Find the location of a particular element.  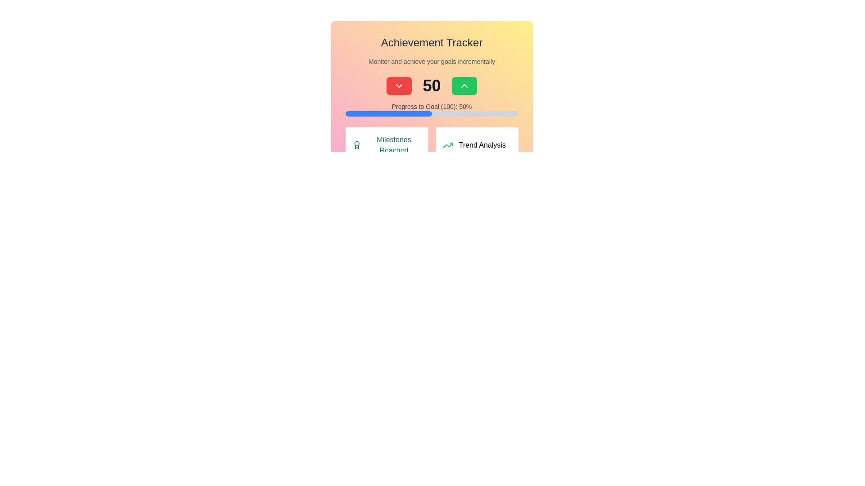

the blue progress bar that indicates 50% completion in the goal tracker interface, positioned below the text 'Progress to Goal (100): 50%' is located at coordinates (388, 113).